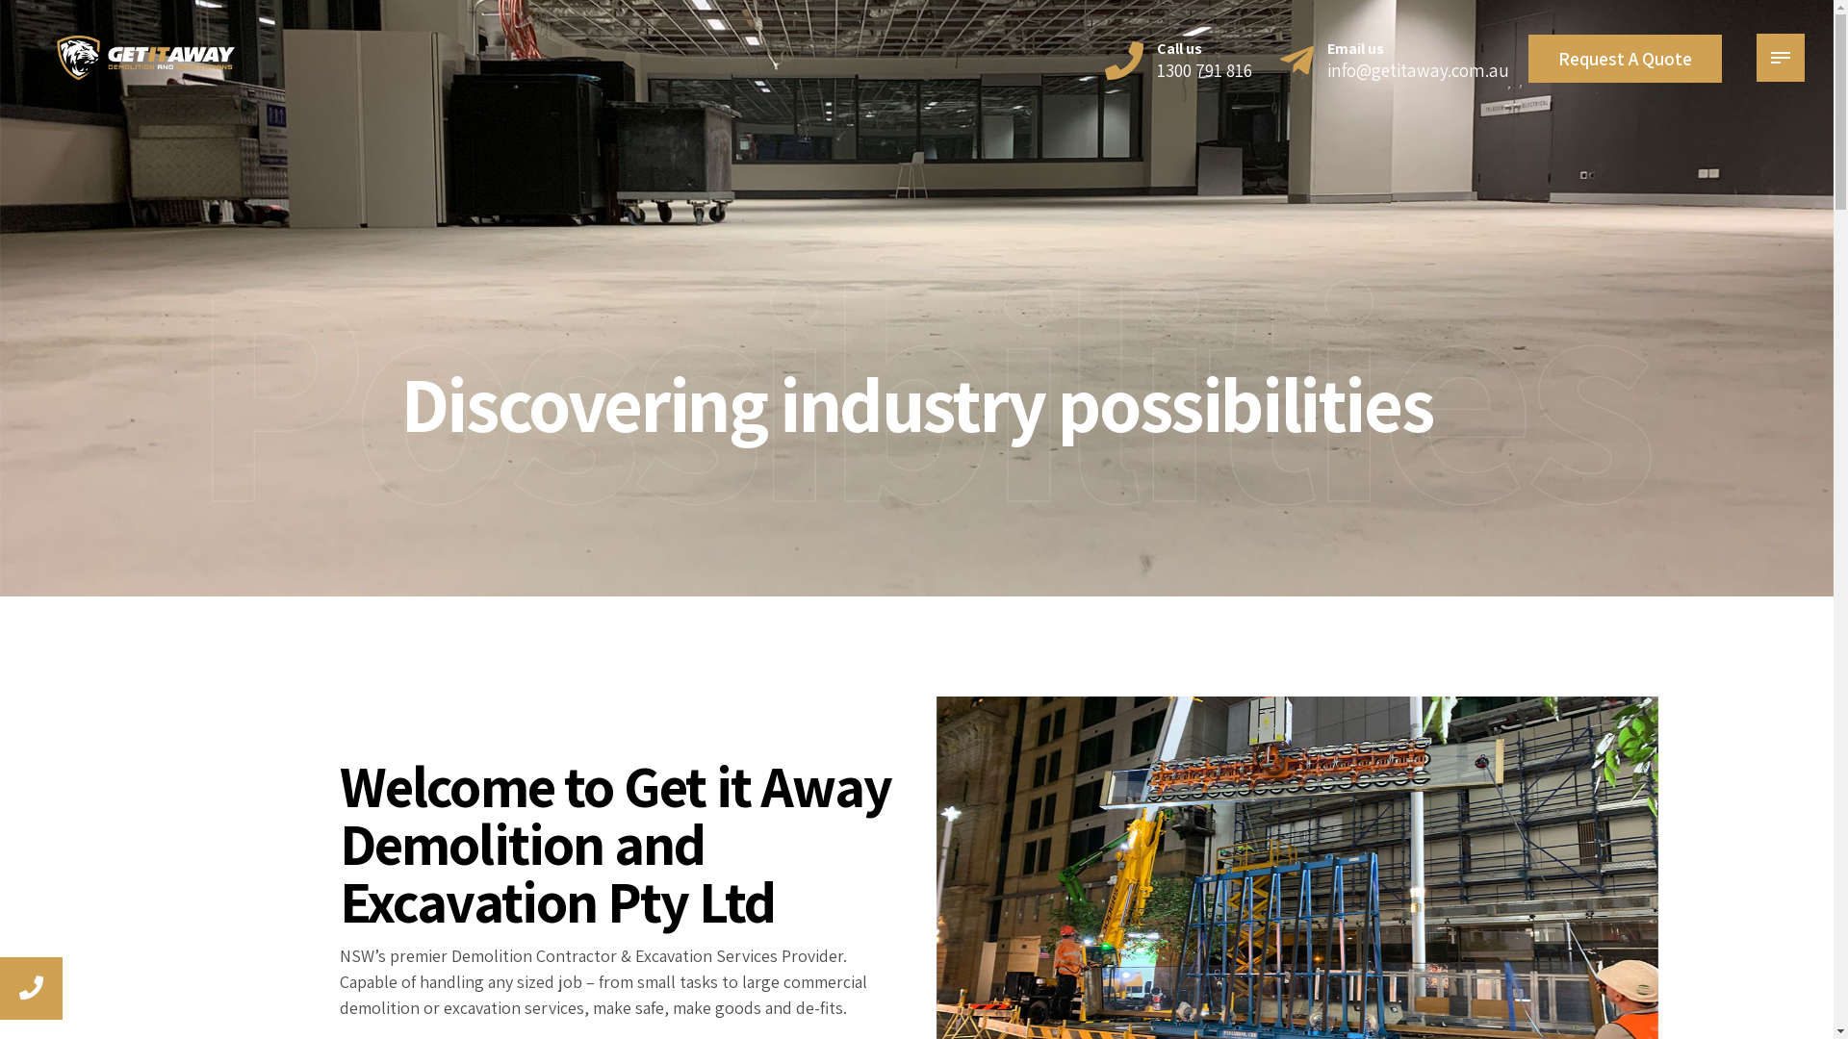  What do you see at coordinates (1177, 58) in the screenshot?
I see `'Call us` at bounding box center [1177, 58].